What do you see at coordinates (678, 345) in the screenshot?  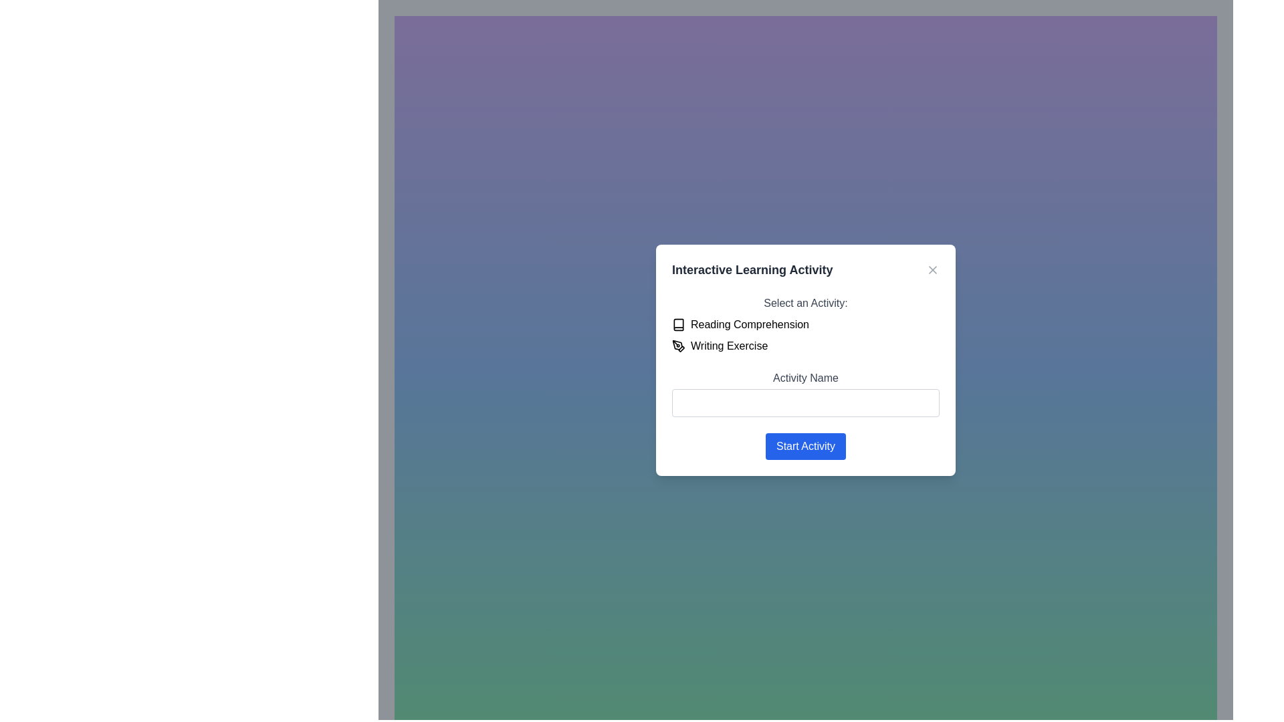 I see `the graphical pen tool icon that is part of the selectable option in the activity list, located to the left of the text 'Writing Exercise'` at bounding box center [678, 345].